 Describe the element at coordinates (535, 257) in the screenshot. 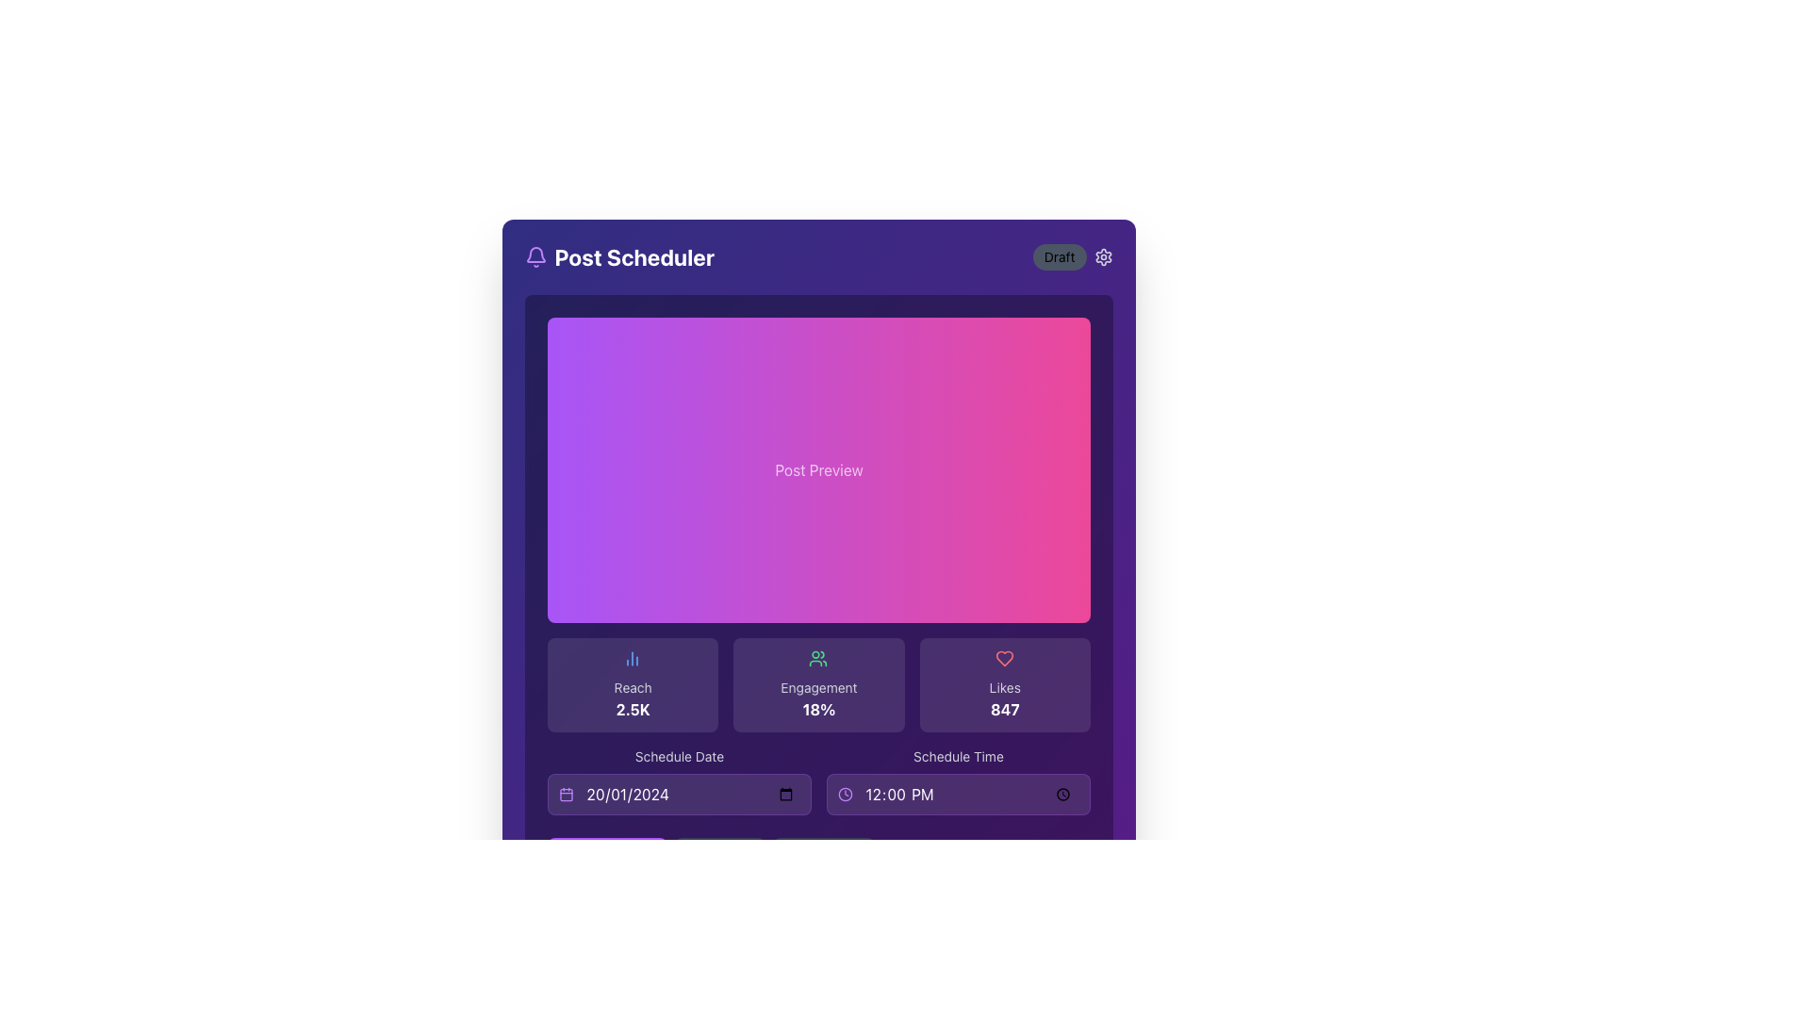

I see `the notification bell icon located to the immediate left of the 'Post Scheduler' text` at that location.